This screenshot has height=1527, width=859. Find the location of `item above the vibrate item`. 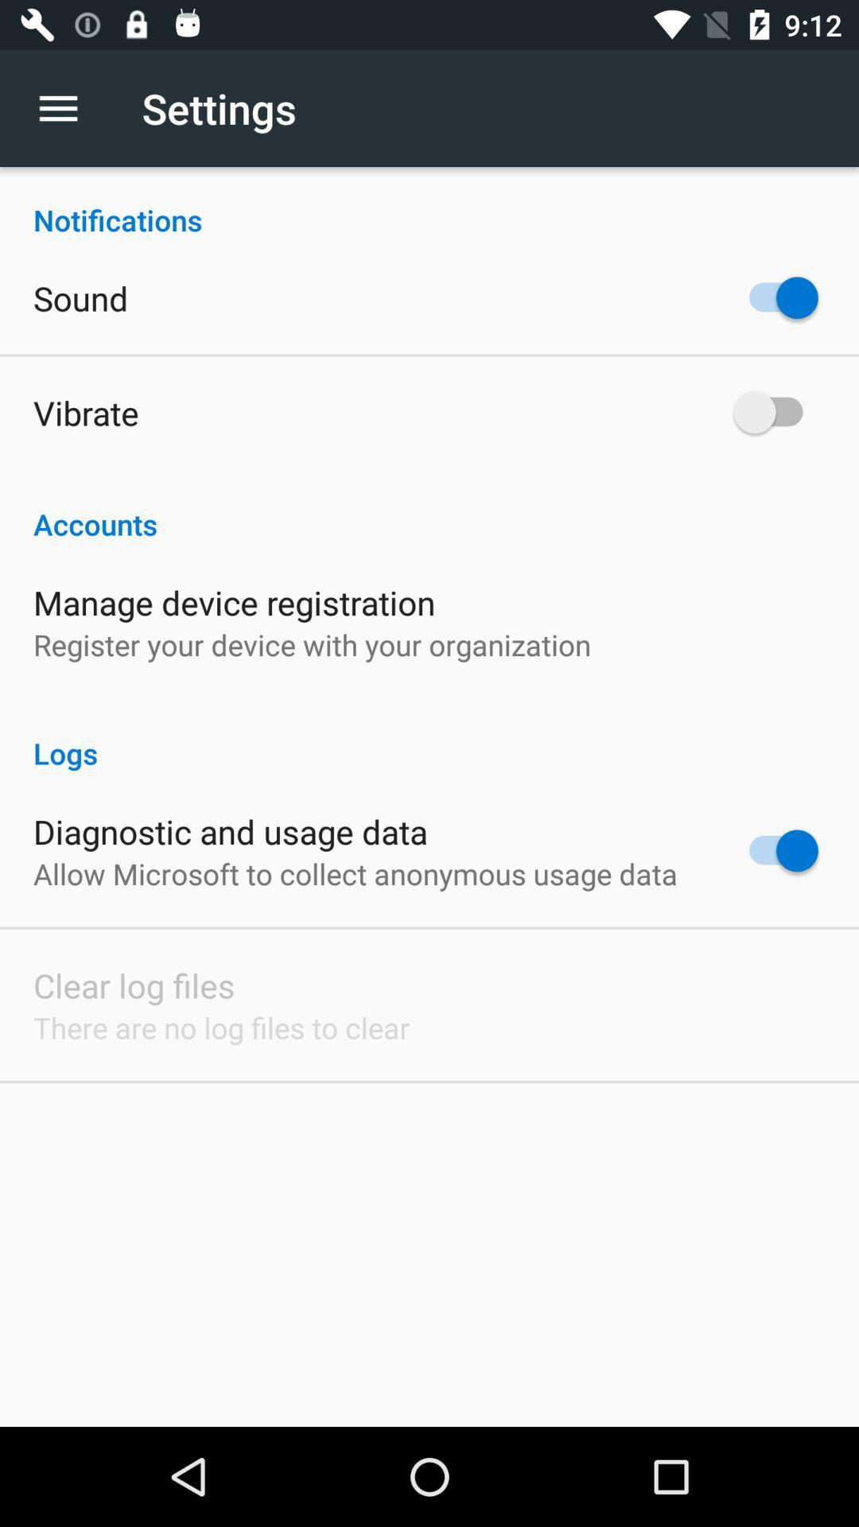

item above the vibrate item is located at coordinates (80, 297).